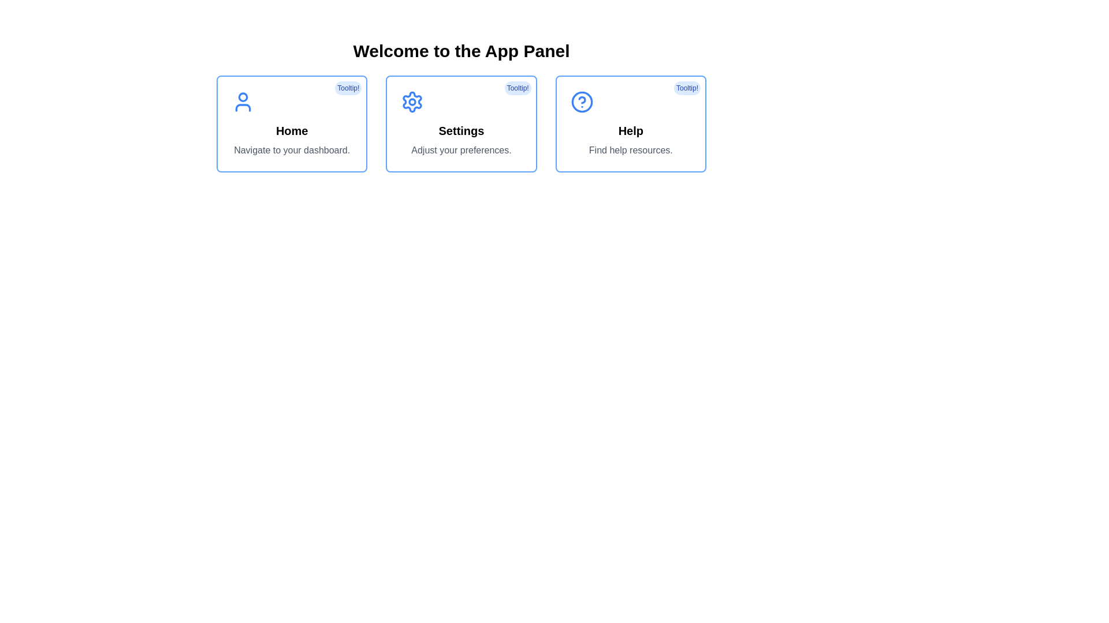 The width and height of the screenshot is (1109, 623). What do you see at coordinates (412, 102) in the screenshot?
I see `the blue cogwheel icon centered within the 'Settings' card` at bounding box center [412, 102].